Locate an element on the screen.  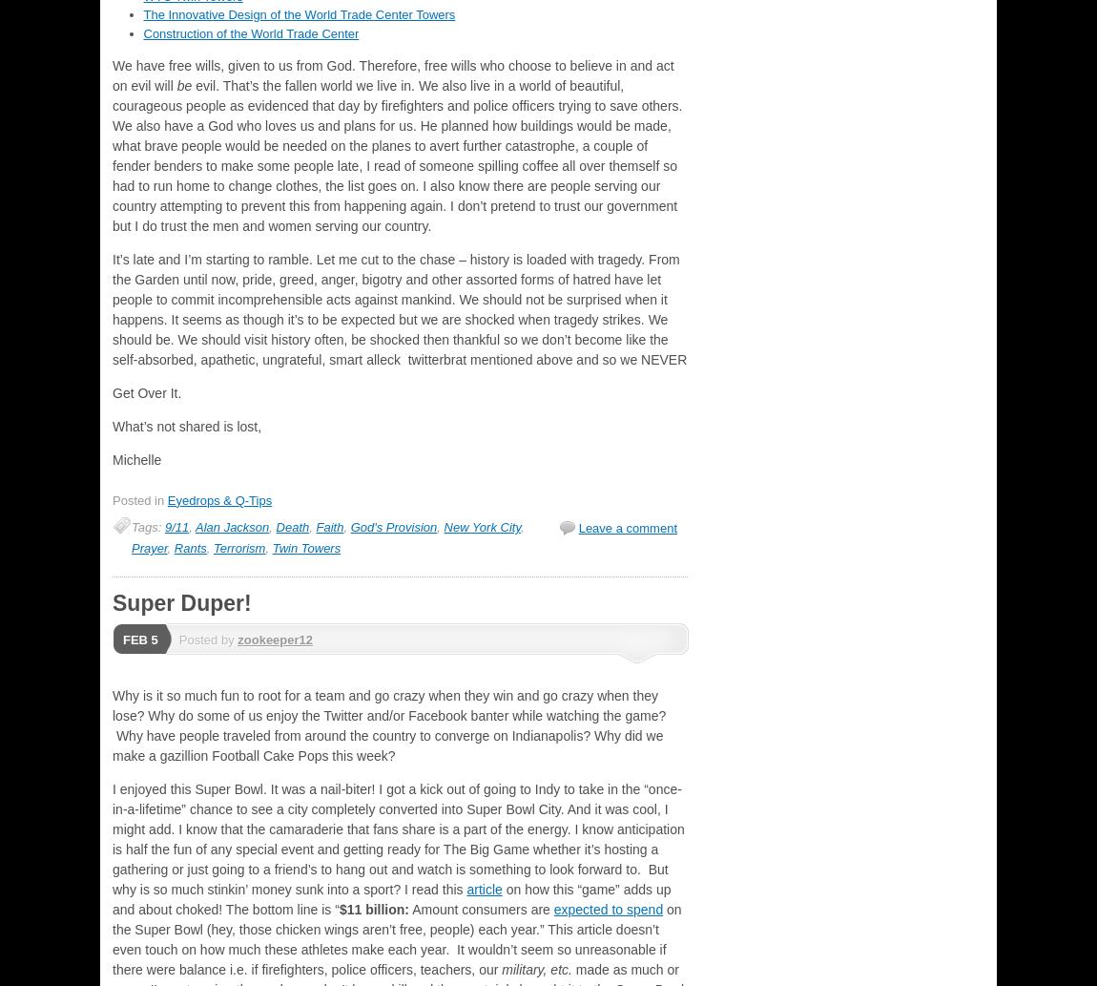
'be' is located at coordinates (185, 85).